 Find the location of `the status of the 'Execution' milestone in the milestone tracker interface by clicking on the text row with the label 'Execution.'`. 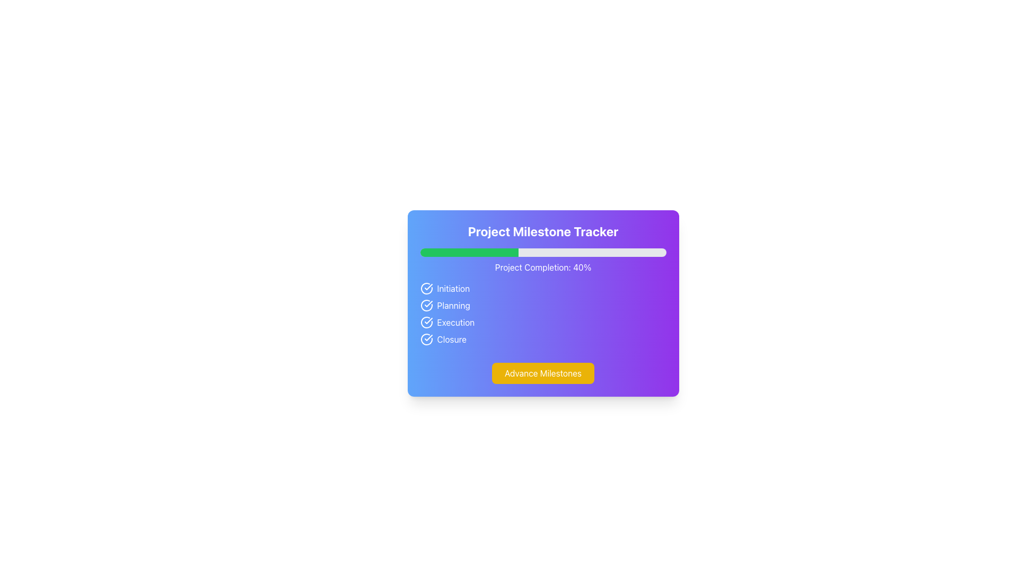

the status of the 'Execution' milestone in the milestone tracker interface by clicking on the text row with the label 'Execution.' is located at coordinates (543, 322).